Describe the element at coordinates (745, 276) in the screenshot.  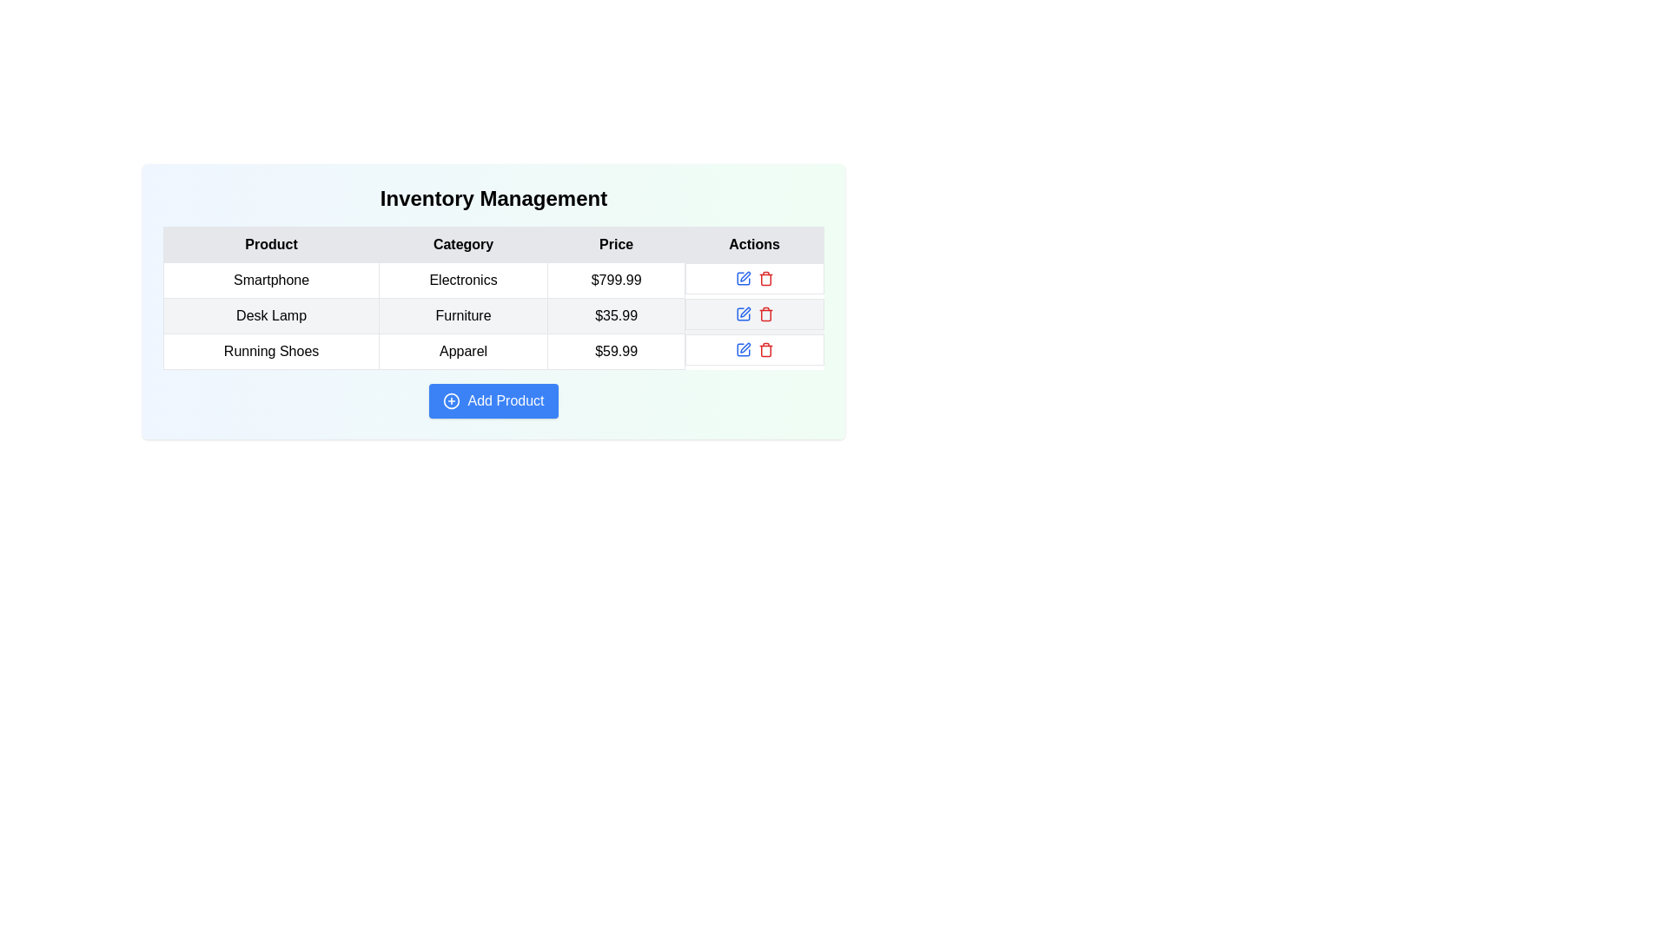
I see `the blue pen icon button in the 'Actions' column of the second row to initiate editing` at that location.